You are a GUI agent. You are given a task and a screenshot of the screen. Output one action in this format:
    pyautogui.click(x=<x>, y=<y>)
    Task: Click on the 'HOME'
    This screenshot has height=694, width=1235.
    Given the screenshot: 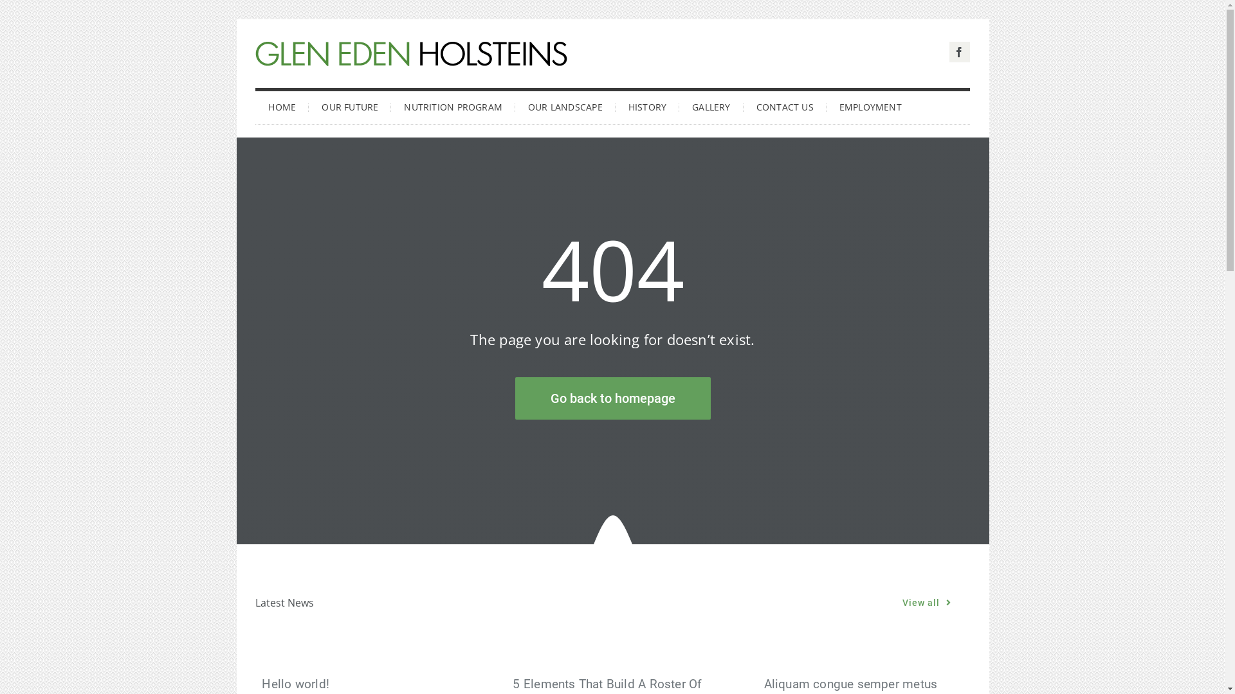 What is the action you would take?
    pyautogui.click(x=255, y=105)
    